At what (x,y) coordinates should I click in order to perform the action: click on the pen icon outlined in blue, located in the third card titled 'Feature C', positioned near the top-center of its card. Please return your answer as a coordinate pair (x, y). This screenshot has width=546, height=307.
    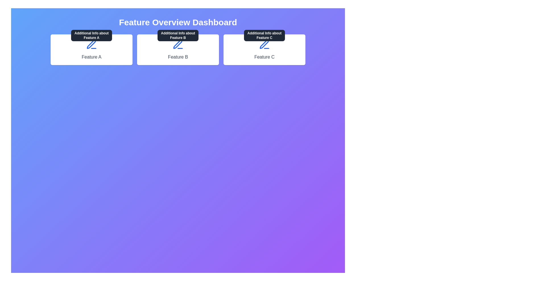
    Looking at the image, I should click on (264, 44).